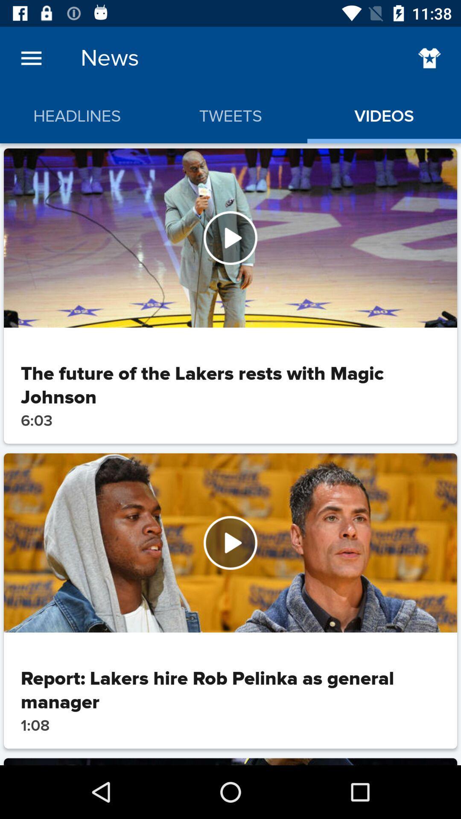  Describe the element at coordinates (230, 238) in the screenshot. I see `top video` at that location.